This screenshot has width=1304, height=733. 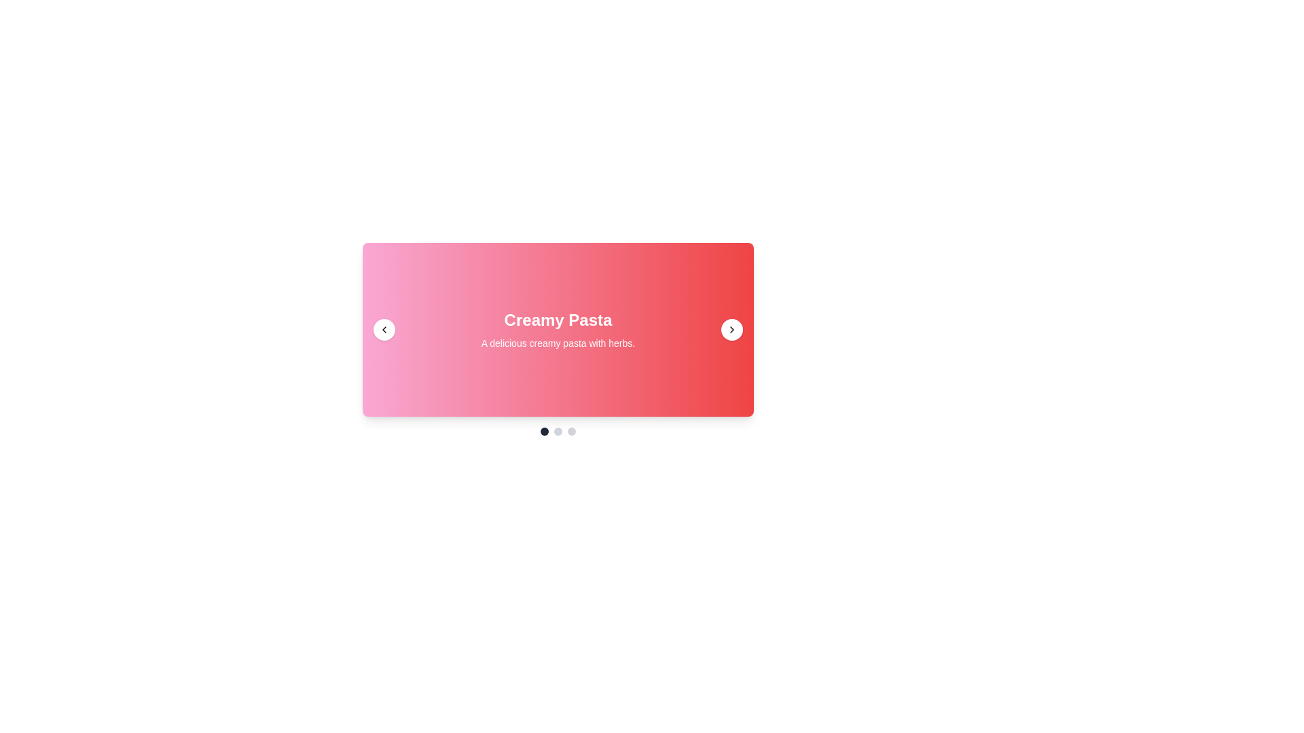 What do you see at coordinates (558, 432) in the screenshot?
I see `the second inactive navigation dot located at the bottom center of the displayed content area` at bounding box center [558, 432].